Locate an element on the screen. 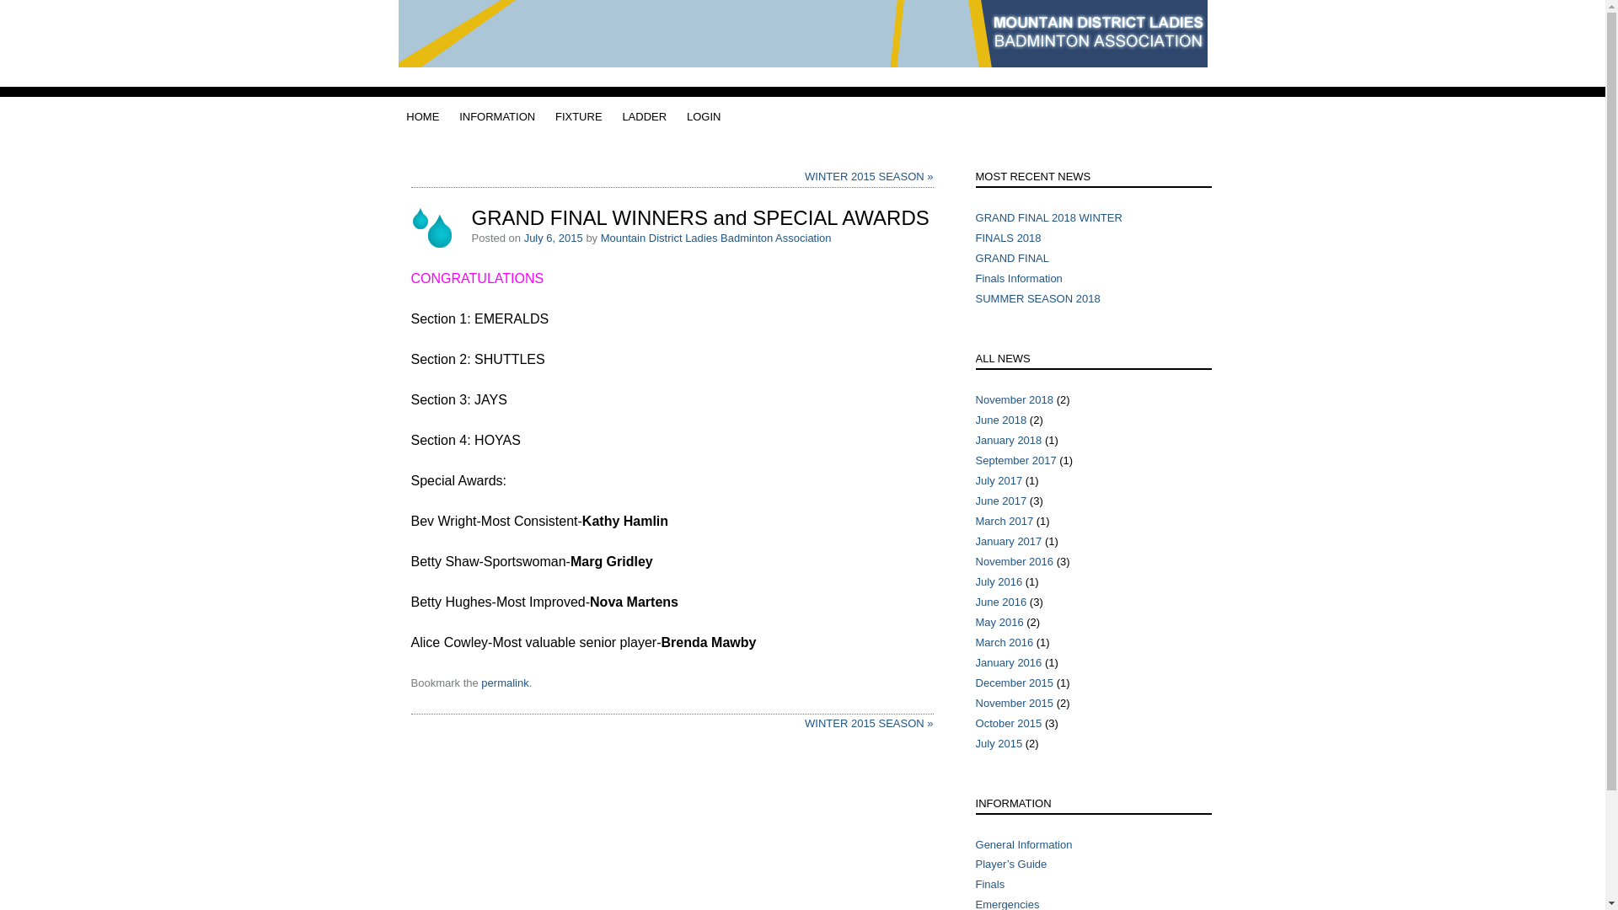  'July 2017' is located at coordinates (999, 480).